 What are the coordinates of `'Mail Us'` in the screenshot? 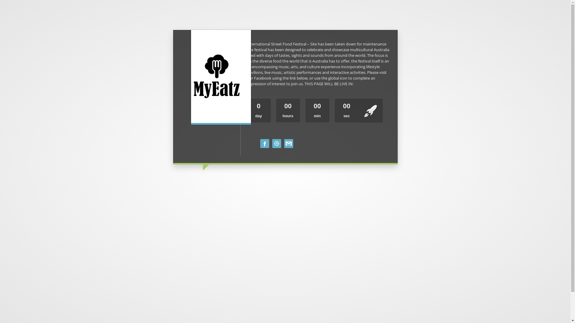 It's located at (288, 143).